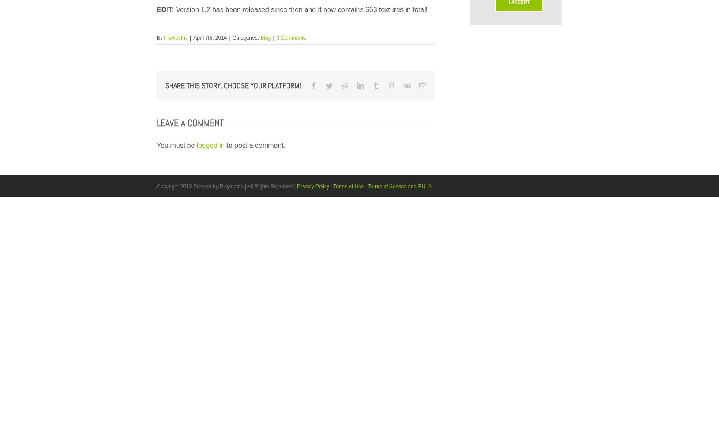 The image size is (719, 431). Describe the element at coordinates (157, 144) in the screenshot. I see `'You must be'` at that location.